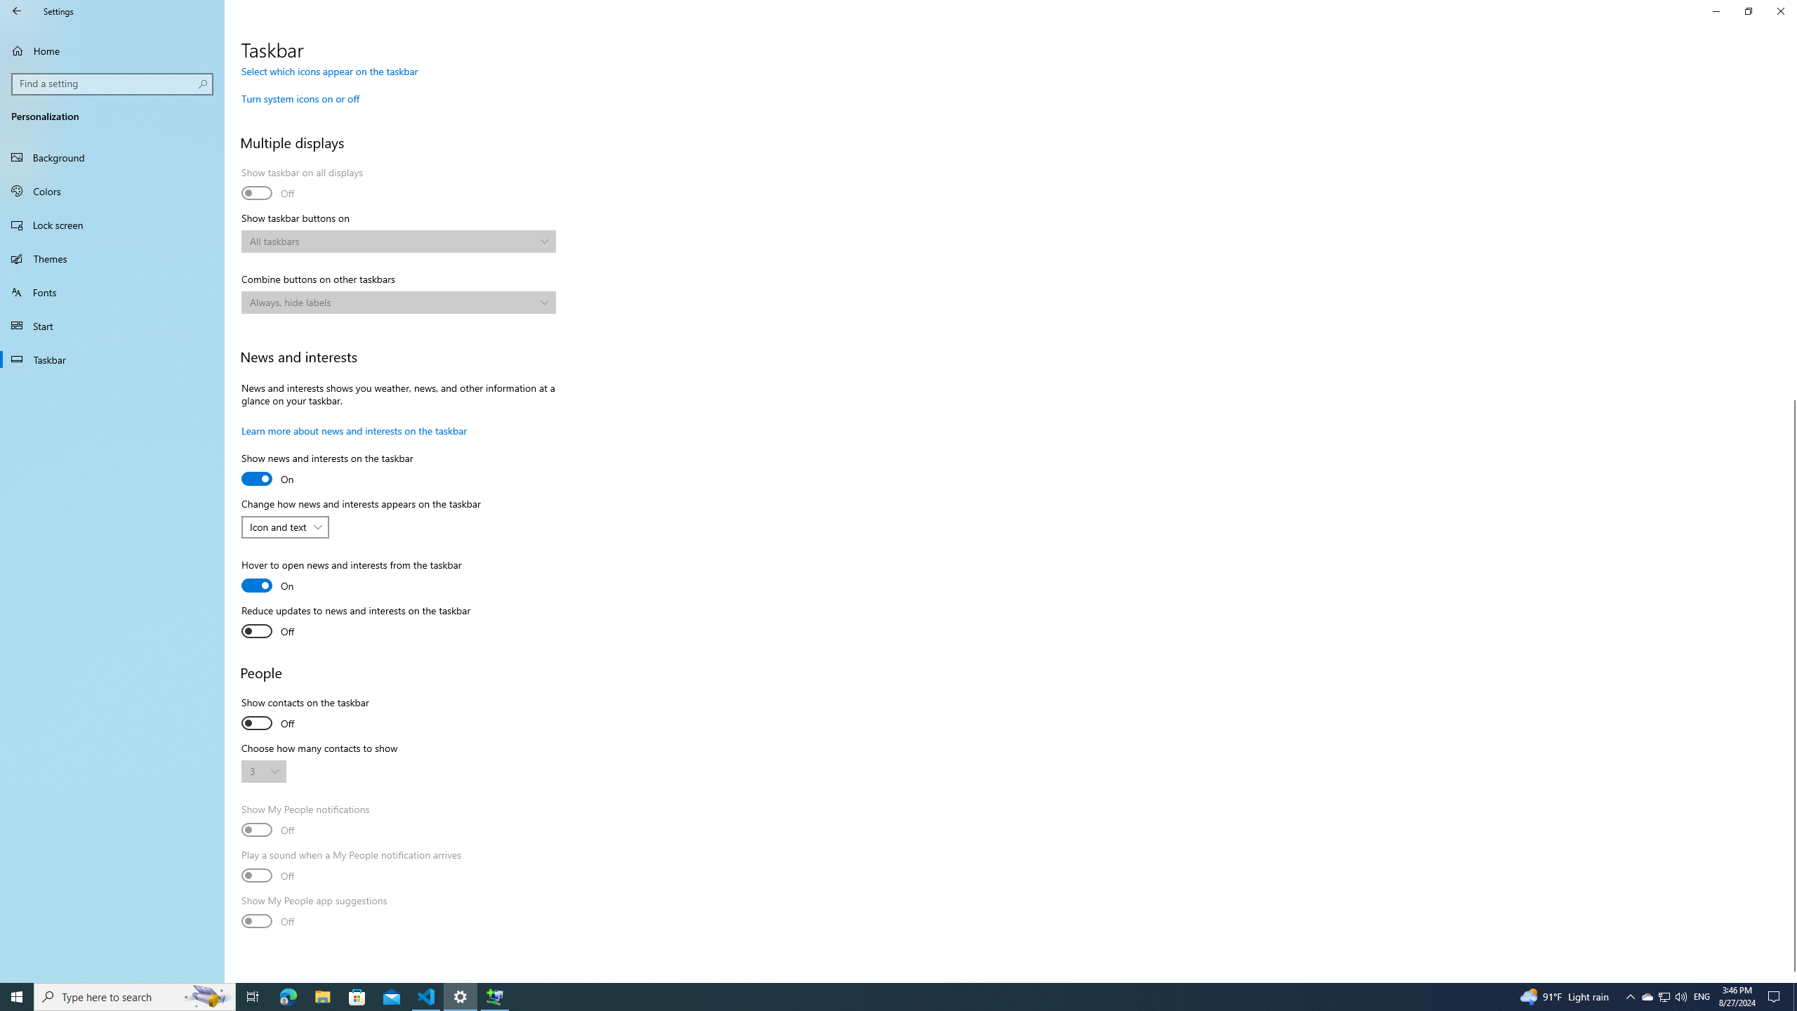 This screenshot has height=1011, width=1797. I want to click on 'All taskbars', so click(392, 240).